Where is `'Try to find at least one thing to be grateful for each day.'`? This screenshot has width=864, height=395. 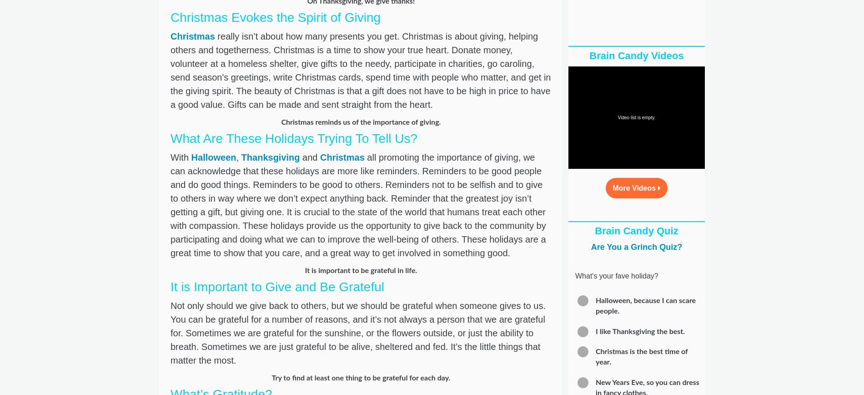 'Try to find at least one thing to be grateful for each day.' is located at coordinates (360, 377).